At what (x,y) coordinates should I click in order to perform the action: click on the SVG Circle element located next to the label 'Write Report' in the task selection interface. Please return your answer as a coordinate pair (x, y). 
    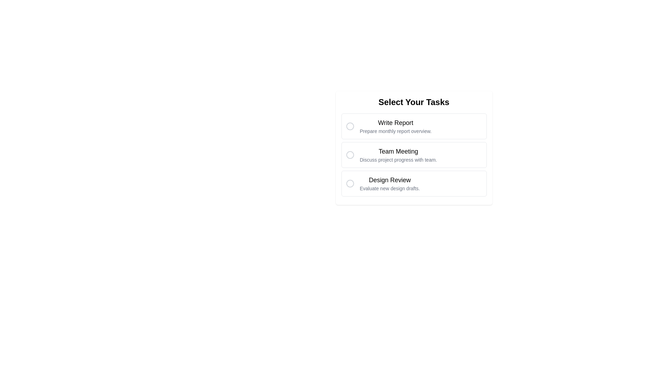
    Looking at the image, I should click on (350, 126).